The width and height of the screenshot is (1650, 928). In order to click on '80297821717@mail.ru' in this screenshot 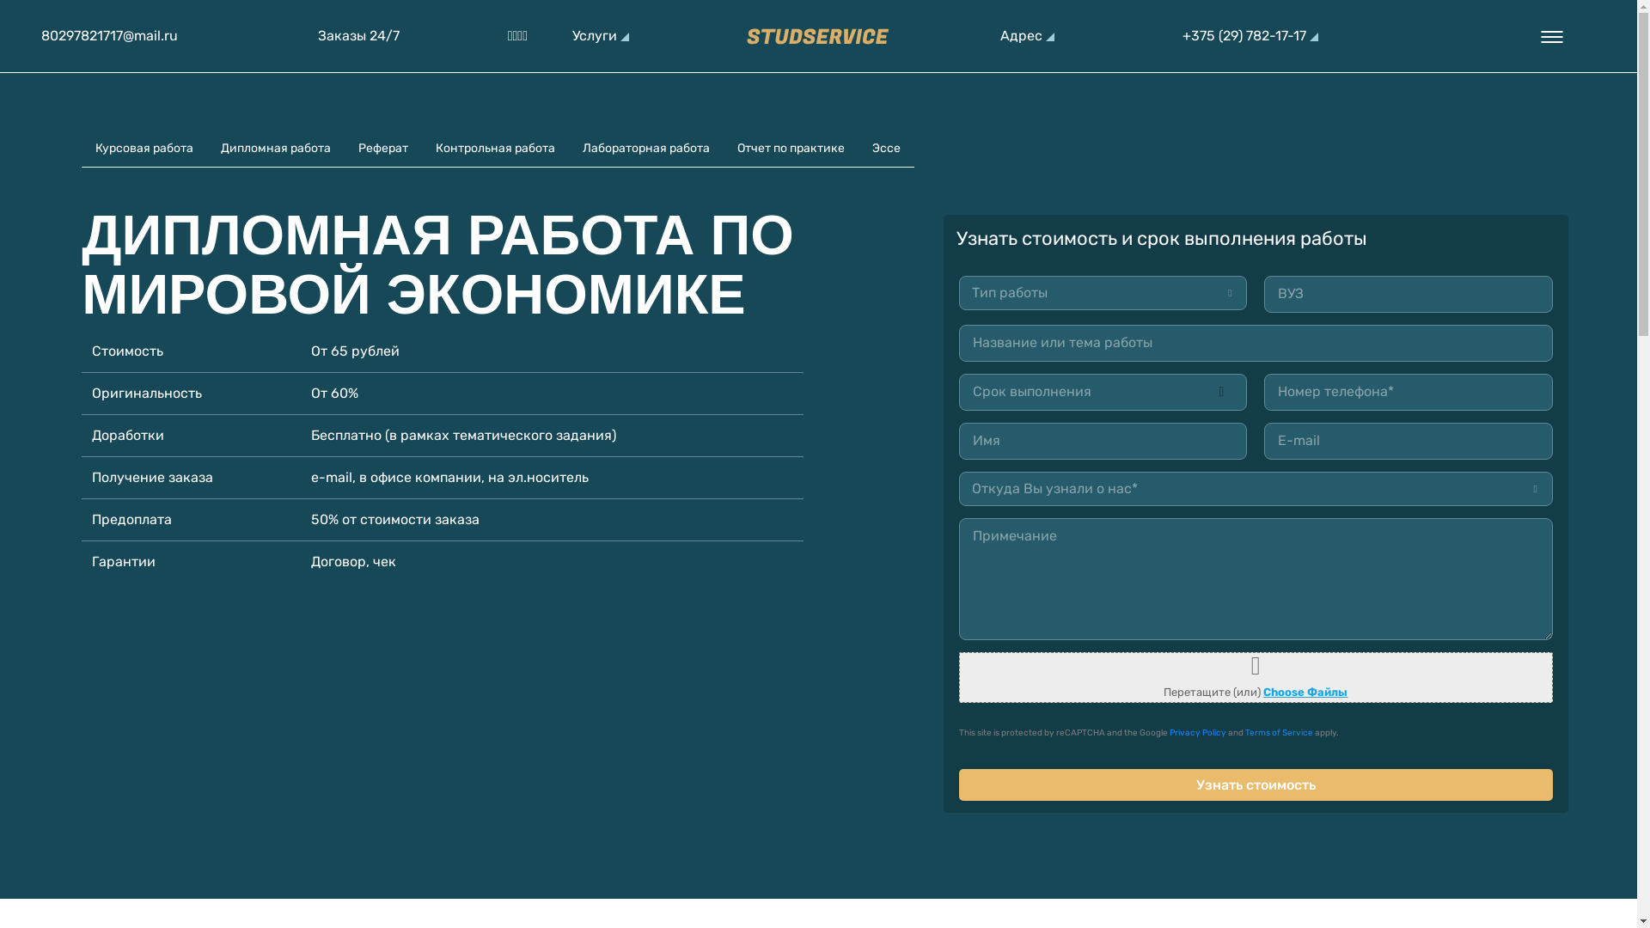, I will do `click(108, 35)`.